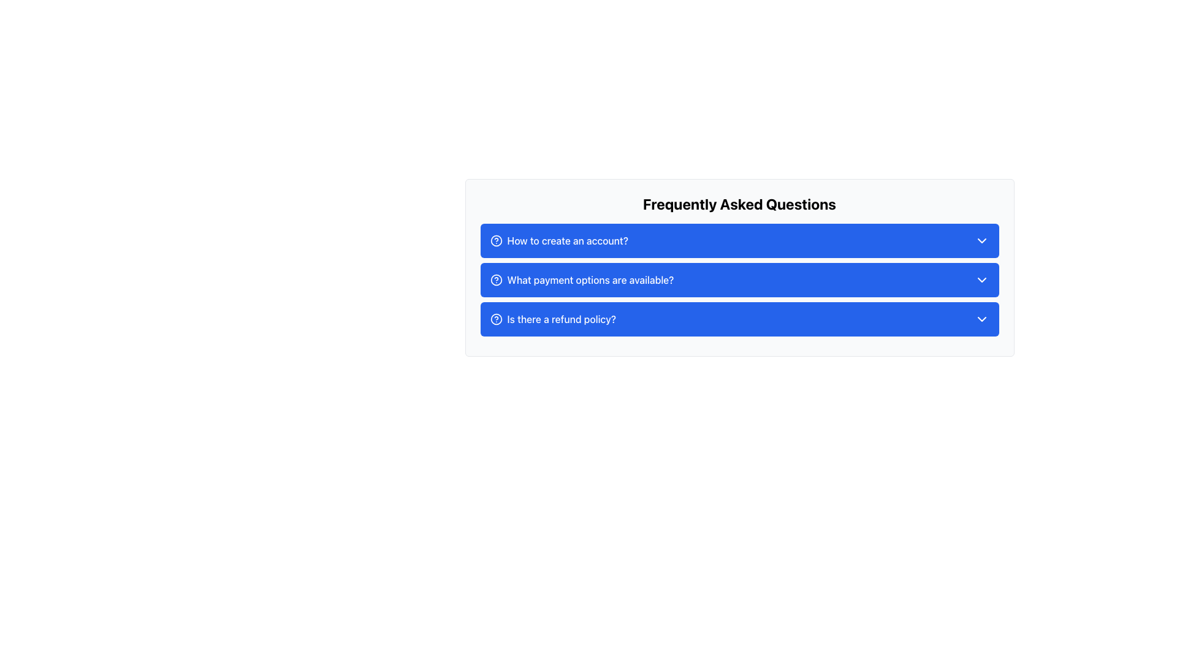 Image resolution: width=1177 pixels, height=662 pixels. Describe the element at coordinates (981, 318) in the screenshot. I see `the downward-facing chevron icon button located at the far right end of the blue background button labeled 'Is there a refund policy?'` at that location.